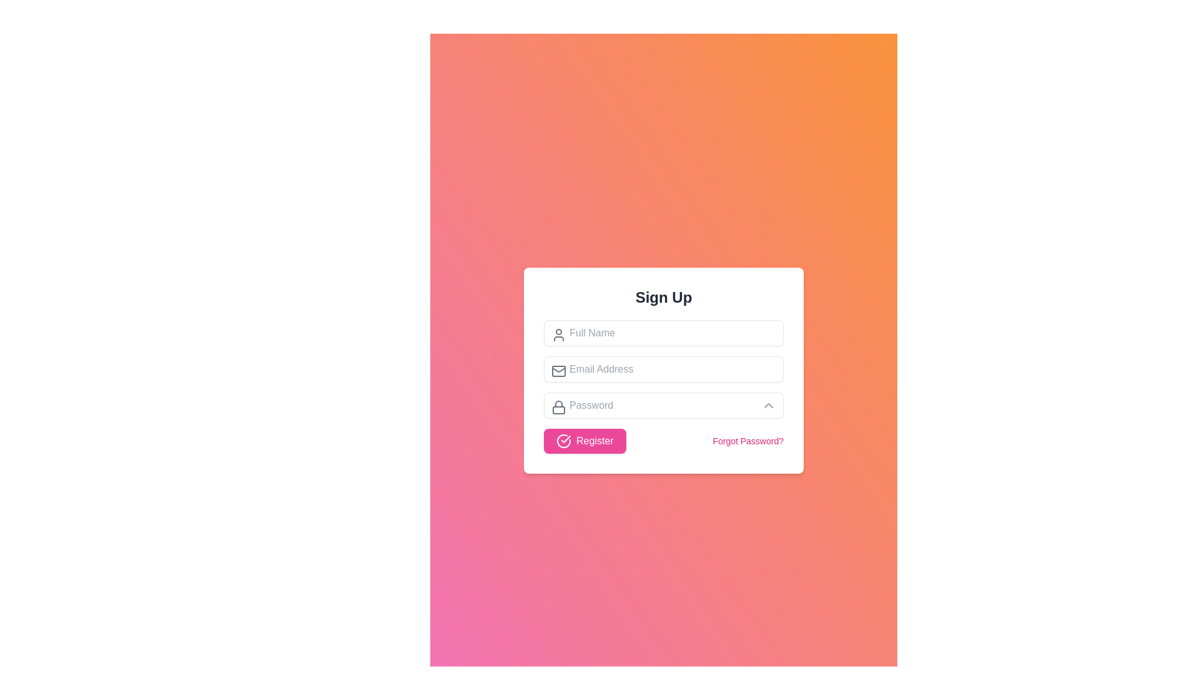 The image size is (1199, 674). I want to click on the gray user avatar SVG icon located to the left of the 'Full Name' text input field, which is visually distinct and aligned with the input's vertical center, so click(558, 334).